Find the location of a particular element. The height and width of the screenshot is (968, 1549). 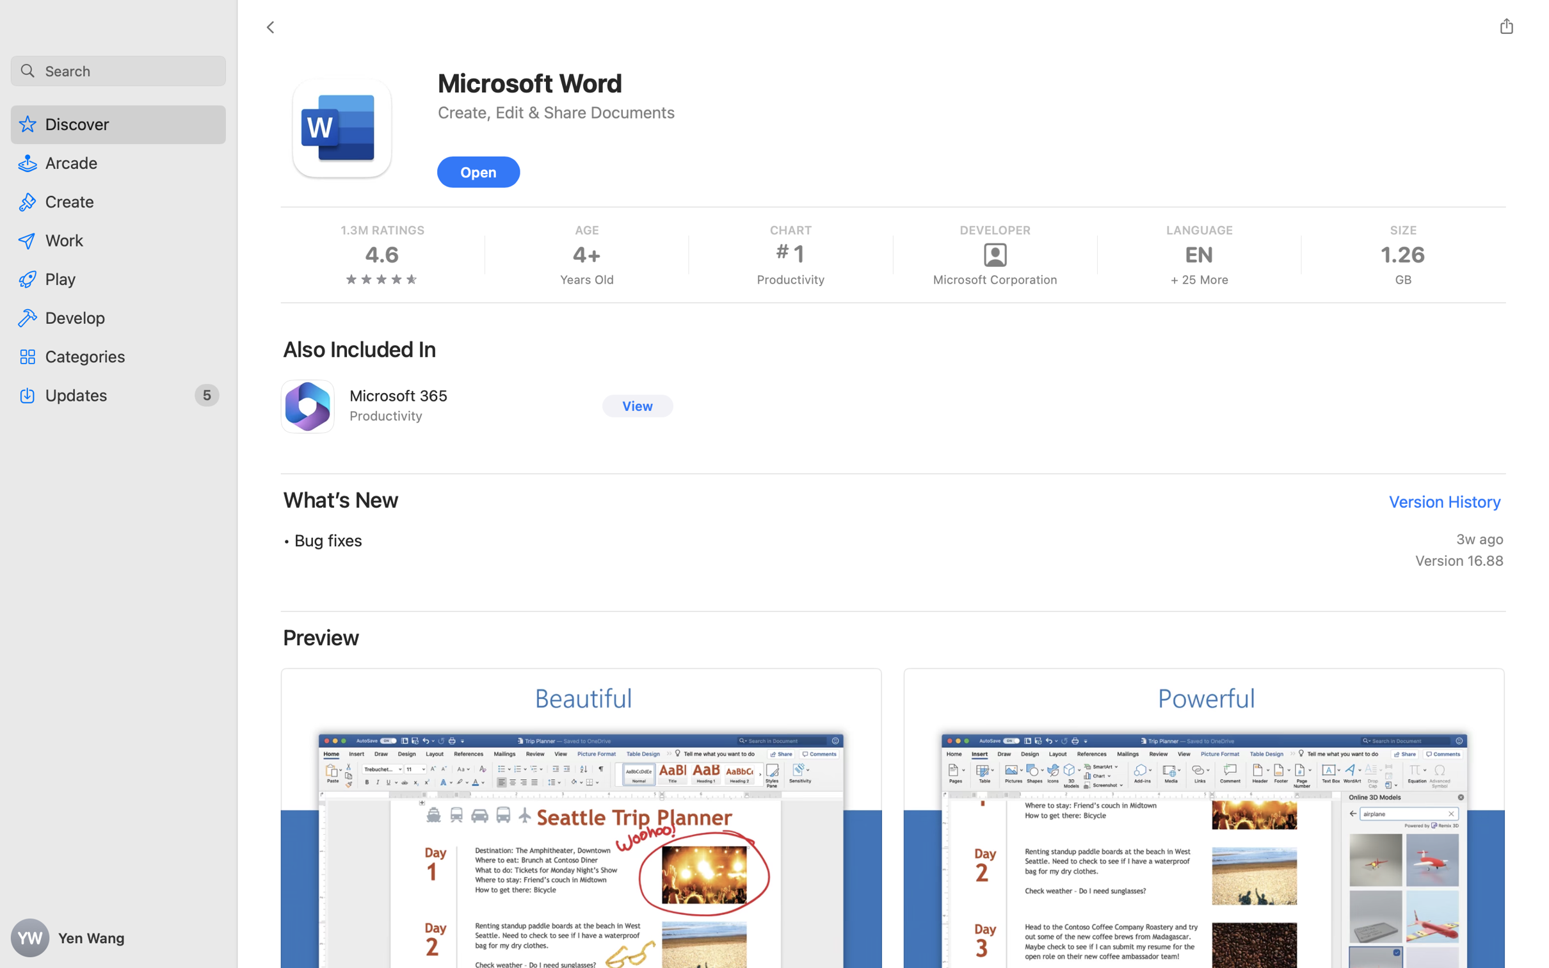

'EN' is located at coordinates (1198, 254).